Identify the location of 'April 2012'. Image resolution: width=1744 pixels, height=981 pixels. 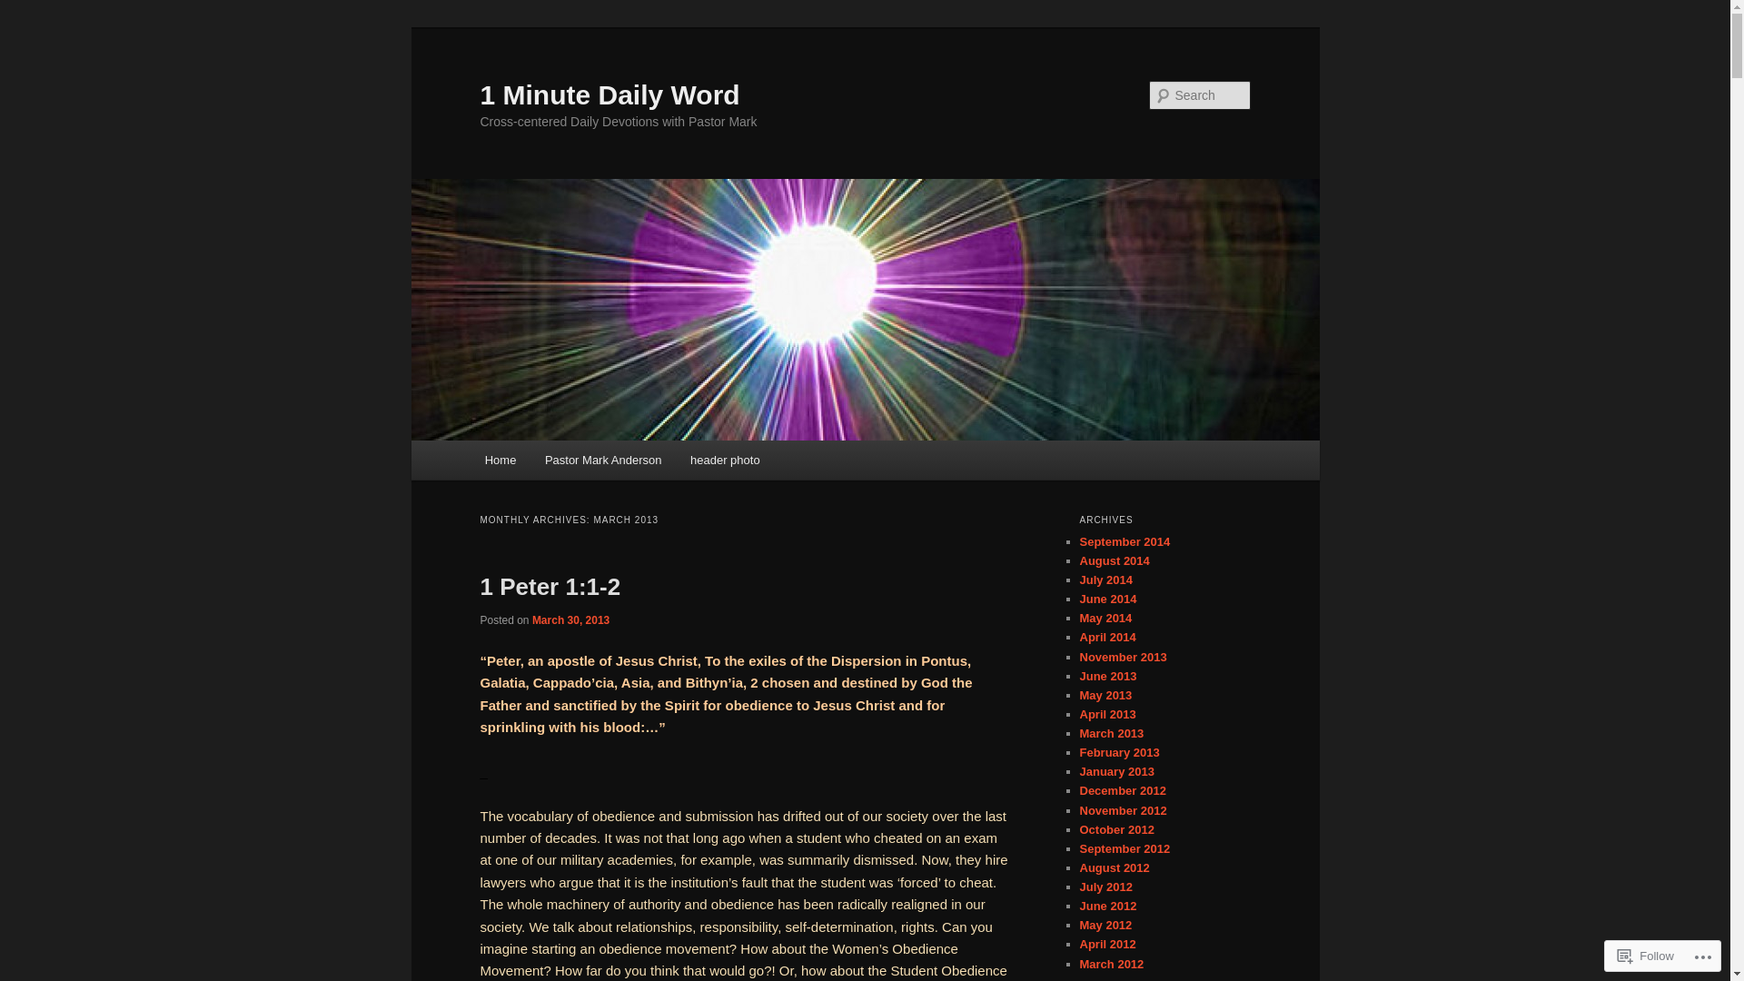
(1106, 943).